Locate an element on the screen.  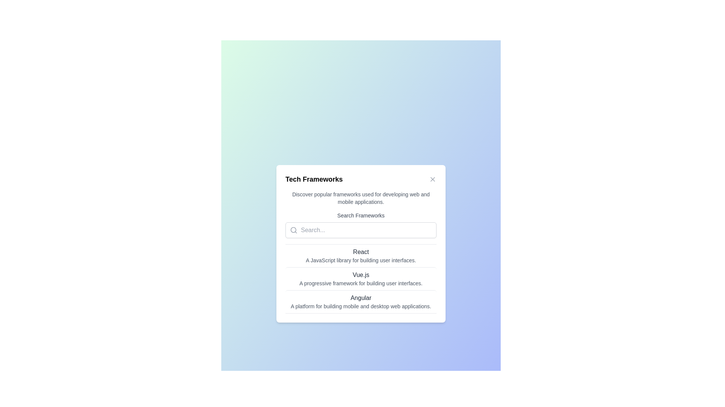
the 'Tech Frameworks' text label, which is displayed in a larger bold font at the top of a card-like interface is located at coordinates (314, 179).